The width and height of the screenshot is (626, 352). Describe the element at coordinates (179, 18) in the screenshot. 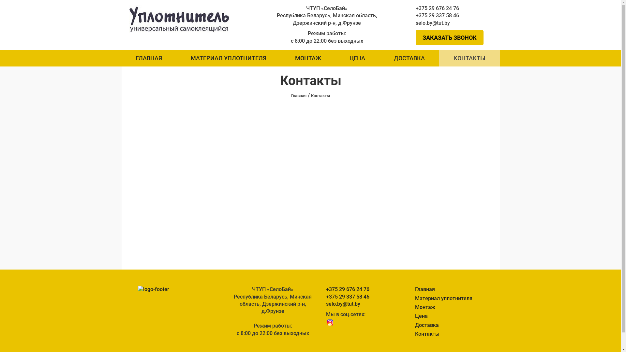

I see `'plotno.by'` at that location.